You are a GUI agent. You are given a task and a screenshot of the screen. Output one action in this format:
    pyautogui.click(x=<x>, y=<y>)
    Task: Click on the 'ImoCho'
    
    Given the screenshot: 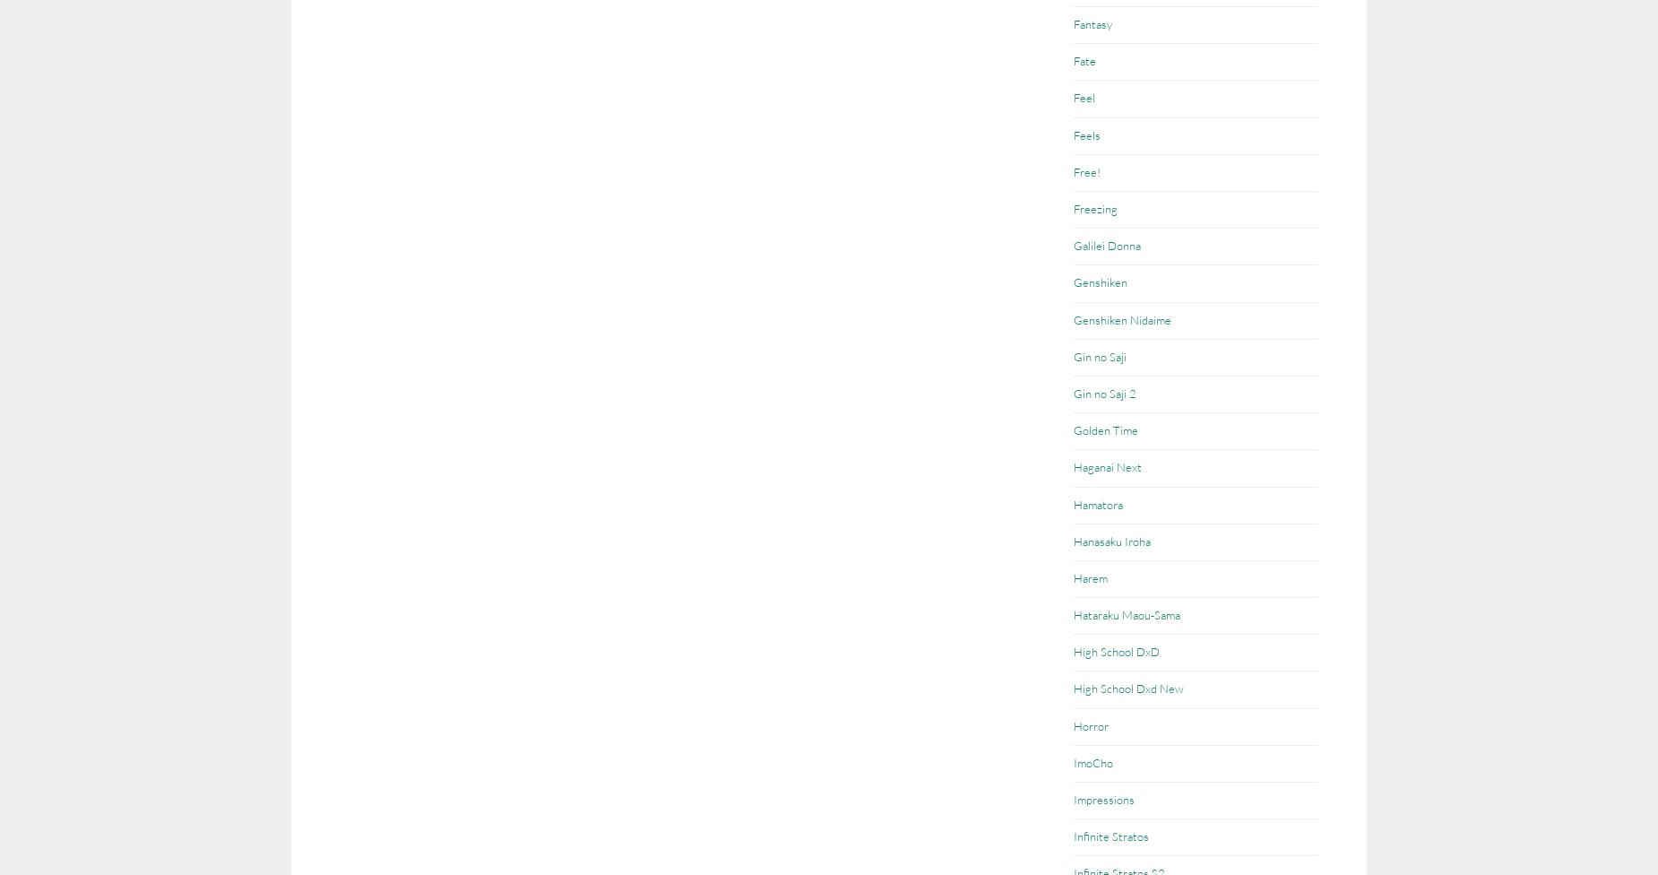 What is the action you would take?
    pyautogui.click(x=1092, y=761)
    